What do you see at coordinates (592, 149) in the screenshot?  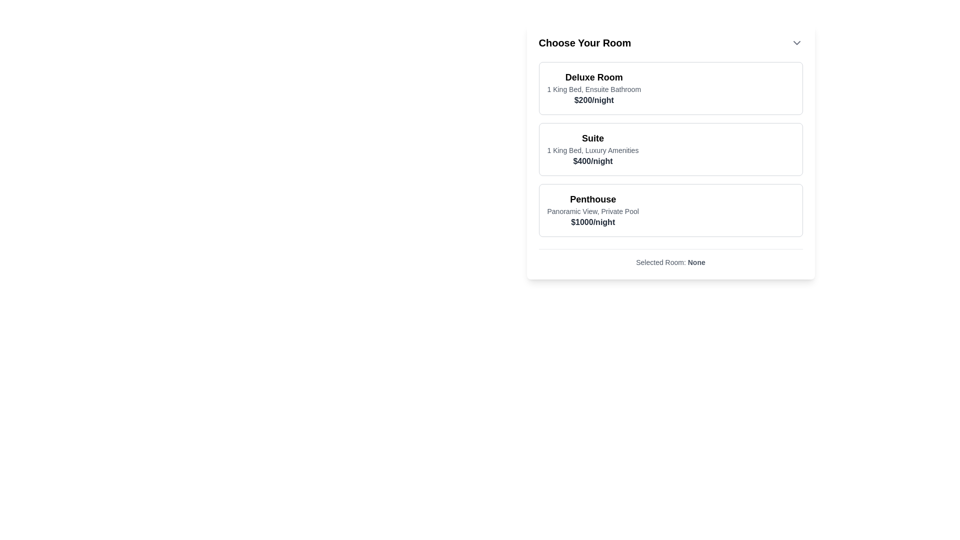 I see `the text block containing the title 'Suite', the description '1 King Bed, Luxury Amenities', and the price '$400/night', which is located in the second box of the room selection list under 'Deluxe Room'` at bounding box center [592, 149].